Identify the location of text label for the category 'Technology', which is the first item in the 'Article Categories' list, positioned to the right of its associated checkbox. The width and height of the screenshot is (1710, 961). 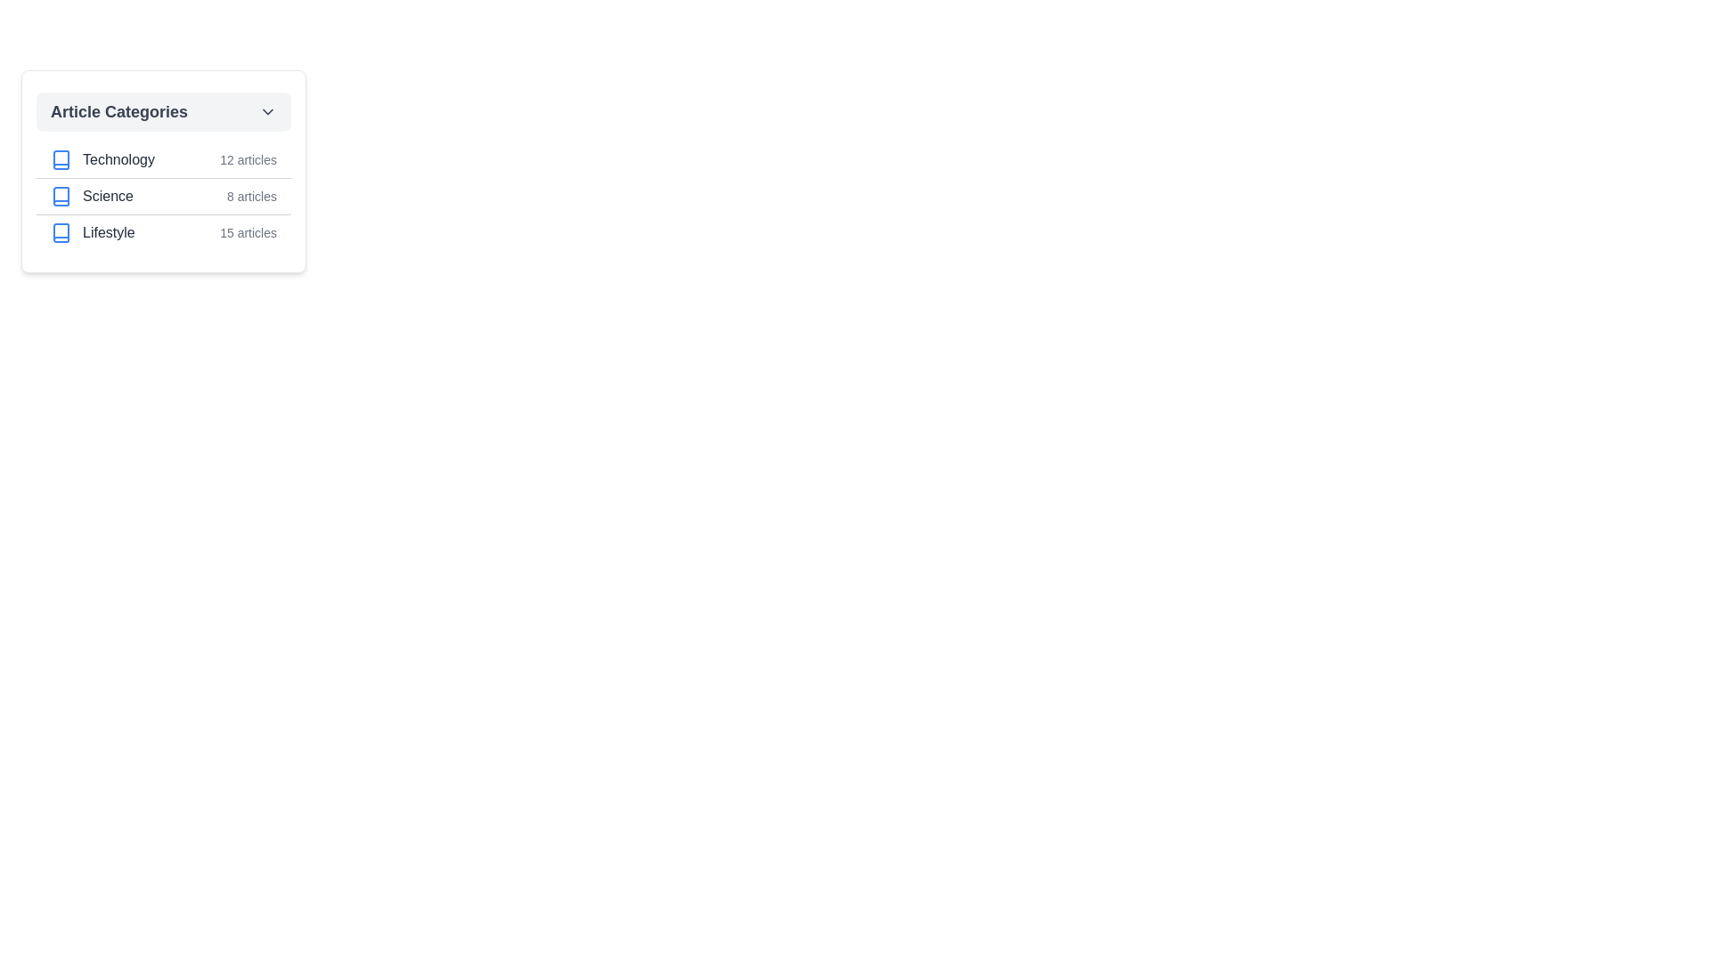
(118, 160).